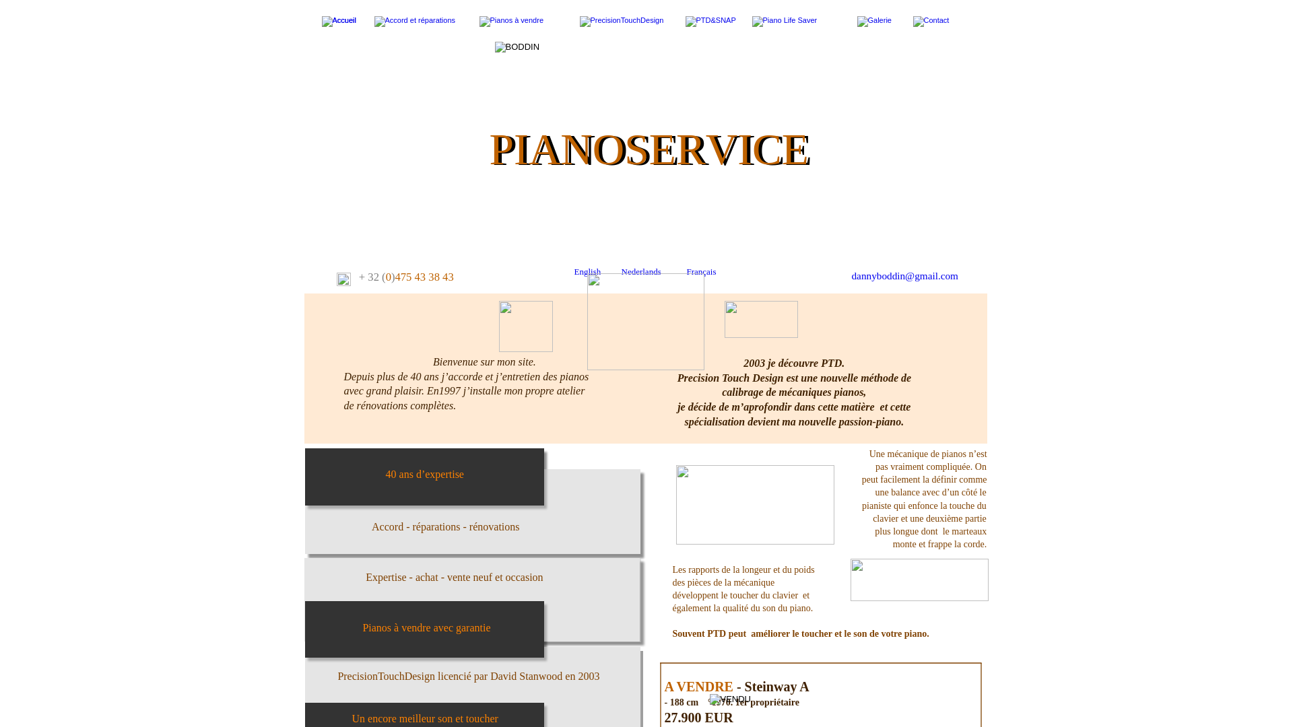 This screenshot has height=727, width=1293. I want to click on 'English', so click(587, 271).